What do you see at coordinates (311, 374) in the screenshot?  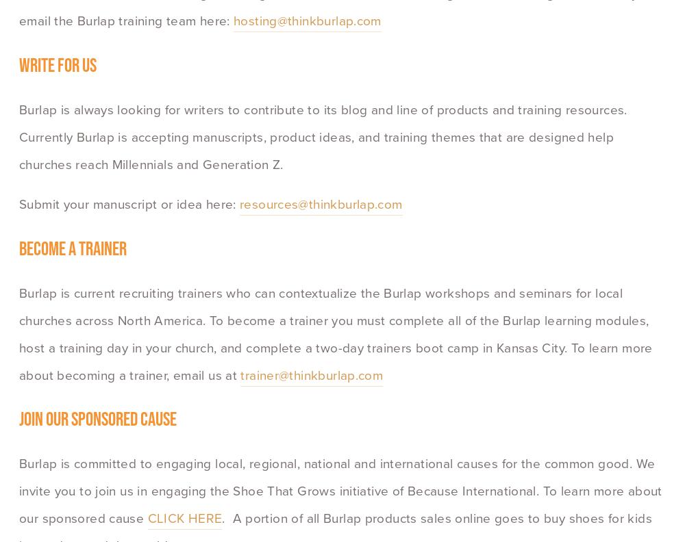 I see `'trainer@thinkburlap.com'` at bounding box center [311, 374].